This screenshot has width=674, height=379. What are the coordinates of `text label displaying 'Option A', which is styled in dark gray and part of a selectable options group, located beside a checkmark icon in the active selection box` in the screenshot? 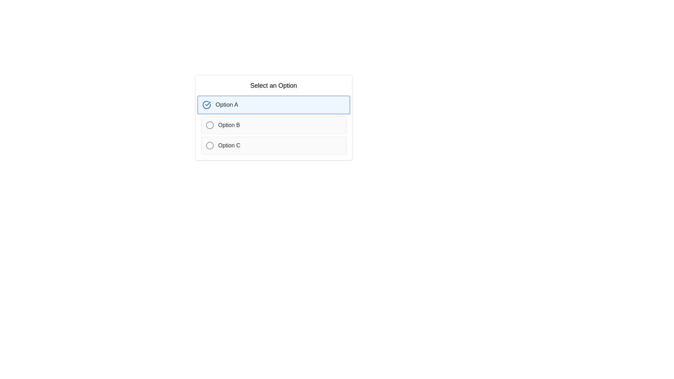 It's located at (226, 105).